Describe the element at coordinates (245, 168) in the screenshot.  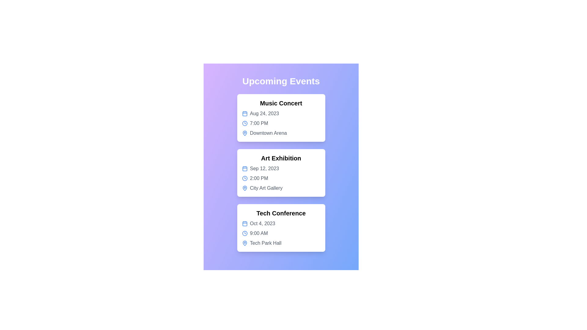
I see `the calendar icon located to the left of the text displaying the date 'Sep 12, 2023' in the second event card of the upcoming events list` at that location.